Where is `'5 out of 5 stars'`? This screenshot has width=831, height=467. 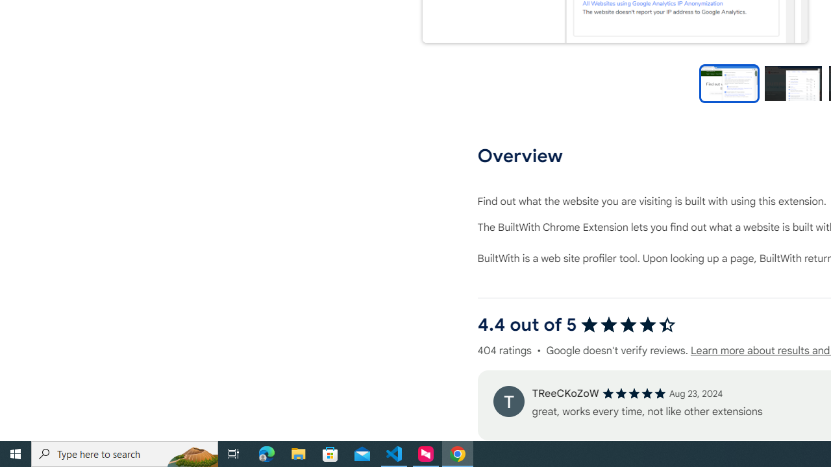 '5 out of 5 stars' is located at coordinates (634, 392).